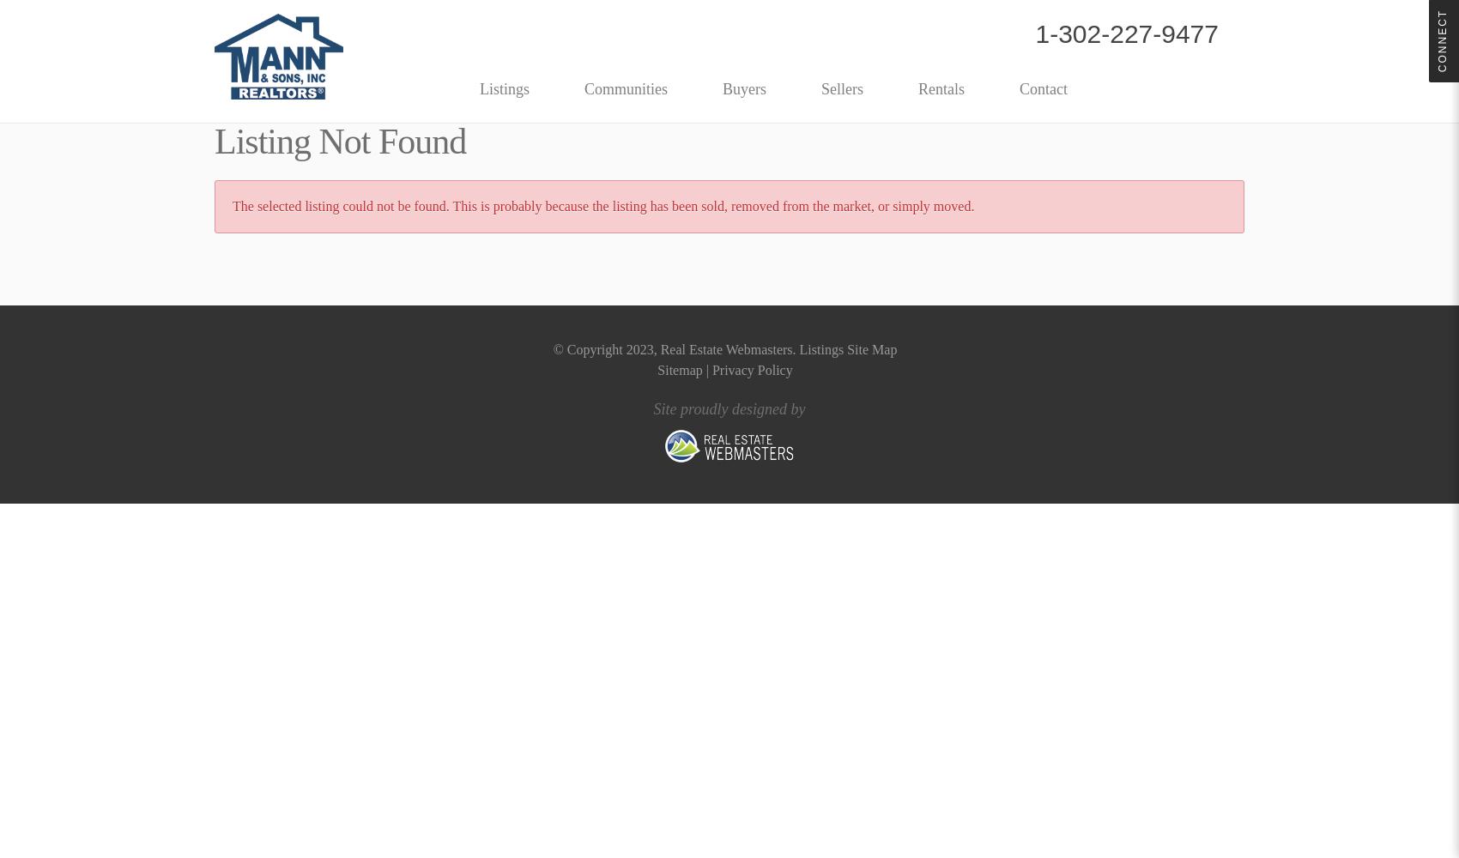  Describe the element at coordinates (847, 349) in the screenshot. I see `'Listings Site Map'` at that location.